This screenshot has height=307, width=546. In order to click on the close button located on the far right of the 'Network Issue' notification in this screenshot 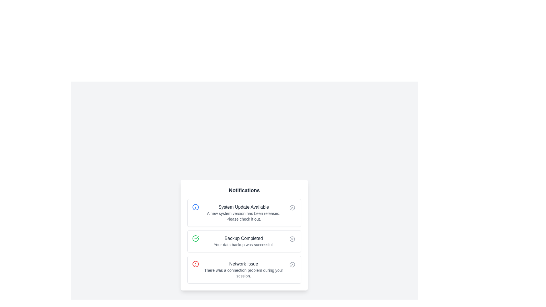, I will do `click(292, 264)`.